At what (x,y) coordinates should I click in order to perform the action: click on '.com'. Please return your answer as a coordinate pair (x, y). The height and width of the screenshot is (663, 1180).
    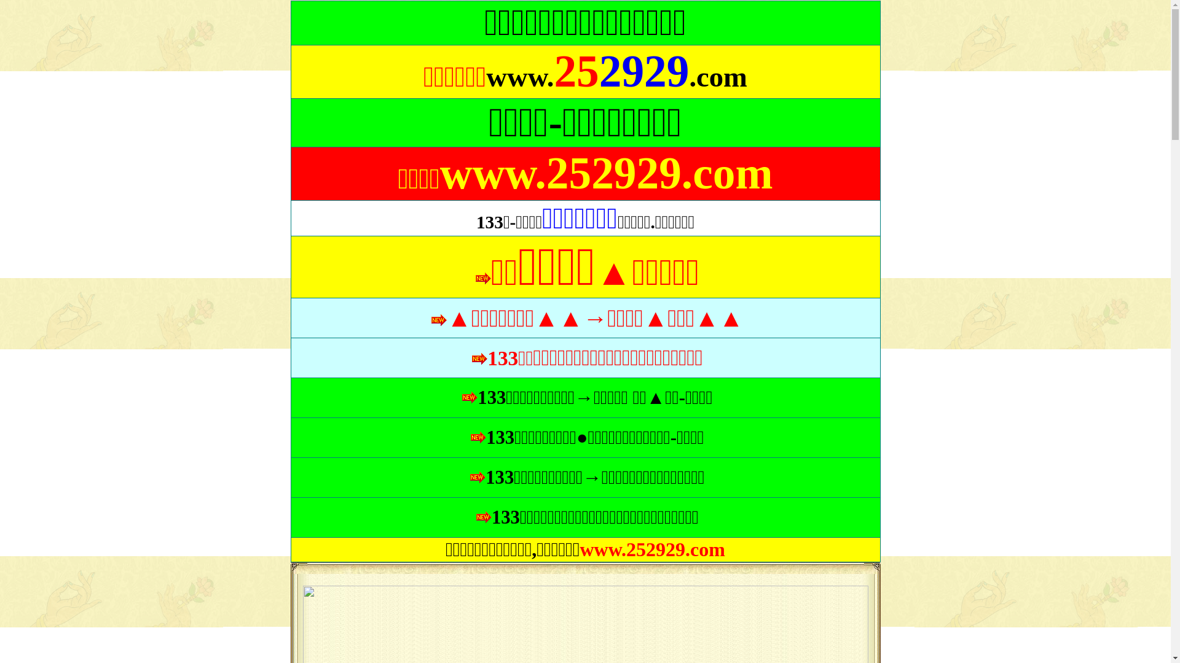
    Looking at the image, I should click on (718, 79).